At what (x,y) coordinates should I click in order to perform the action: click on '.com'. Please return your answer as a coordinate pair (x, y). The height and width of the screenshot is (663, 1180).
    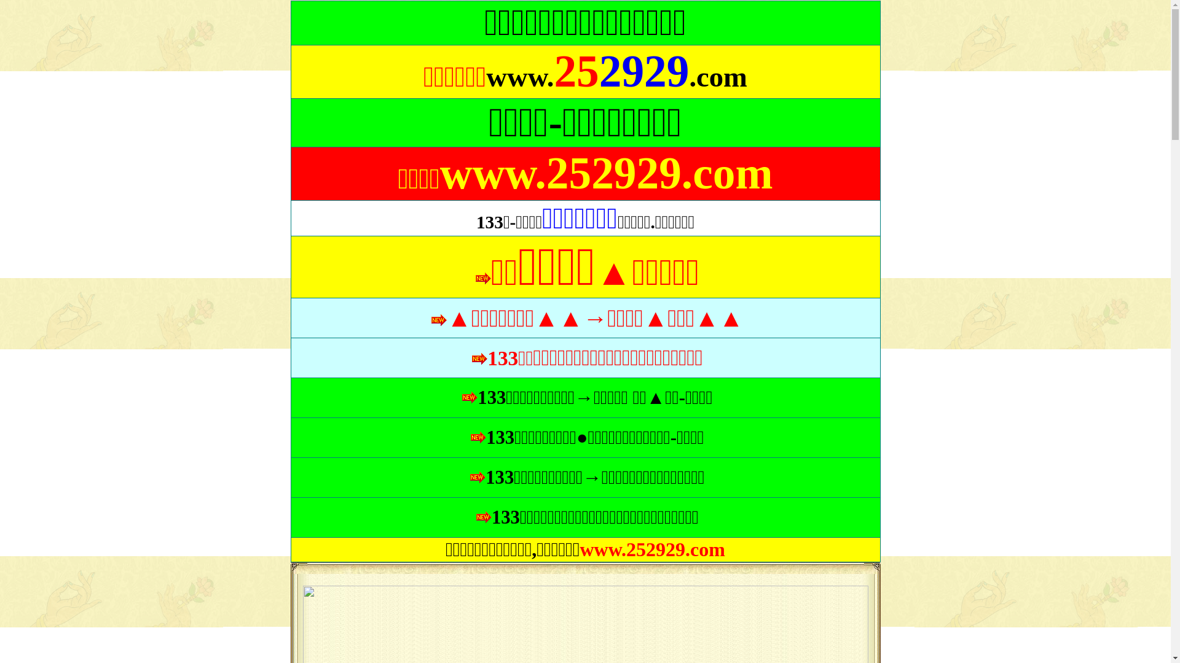
    Looking at the image, I should click on (718, 79).